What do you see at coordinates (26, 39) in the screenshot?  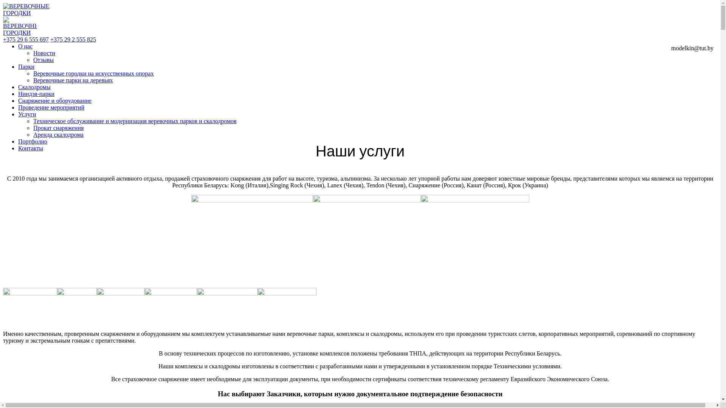 I see `'+375 29 6 555 697'` at bounding box center [26, 39].